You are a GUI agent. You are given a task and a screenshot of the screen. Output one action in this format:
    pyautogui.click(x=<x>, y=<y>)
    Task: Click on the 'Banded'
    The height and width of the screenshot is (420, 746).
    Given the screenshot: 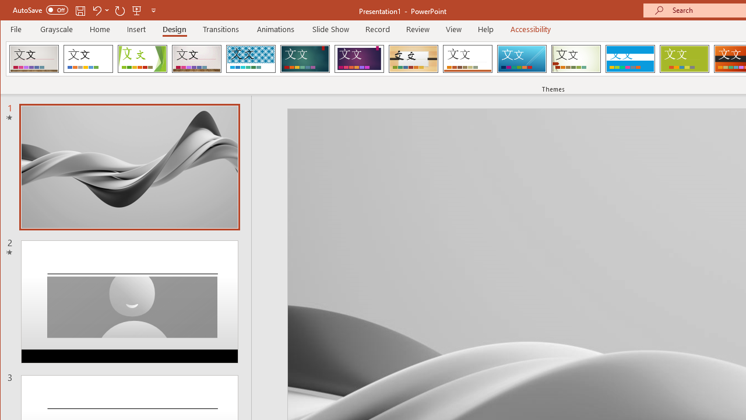 What is the action you would take?
    pyautogui.click(x=629, y=58)
    